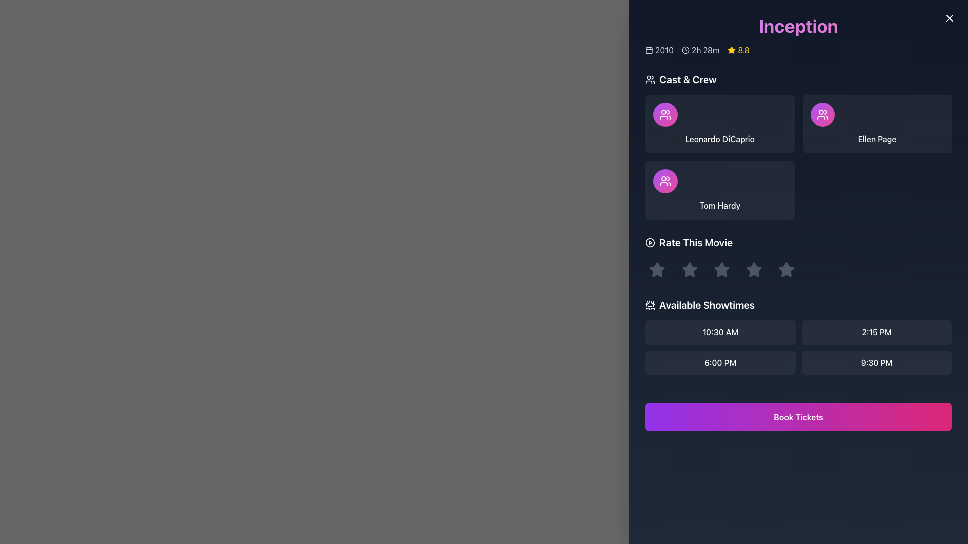 The image size is (968, 544). I want to click on the Circle SVG element which represents the clock face in the 'Inception' movie info section, located near the top-left corner, so click(685, 50).